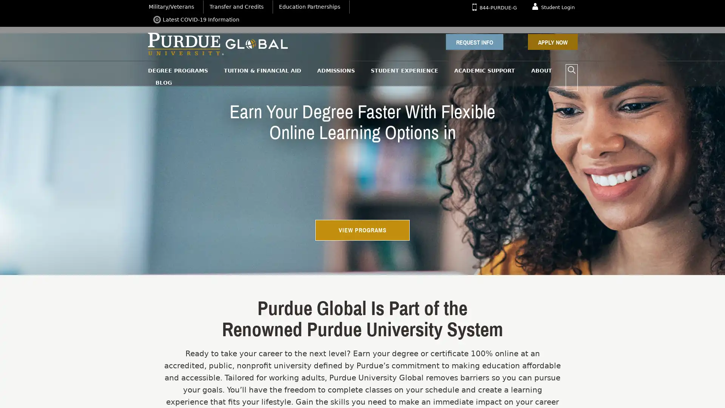 The width and height of the screenshot is (725, 408). Describe the element at coordinates (571, 70) in the screenshot. I see `Search` at that location.